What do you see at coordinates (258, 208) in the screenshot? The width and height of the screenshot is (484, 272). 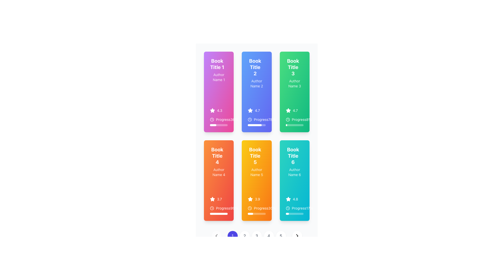 I see `the clock icon in the 'Progress' label, which is located on the bottom section of the orange card, the second card from the left in the second row of the grid layout` at bounding box center [258, 208].